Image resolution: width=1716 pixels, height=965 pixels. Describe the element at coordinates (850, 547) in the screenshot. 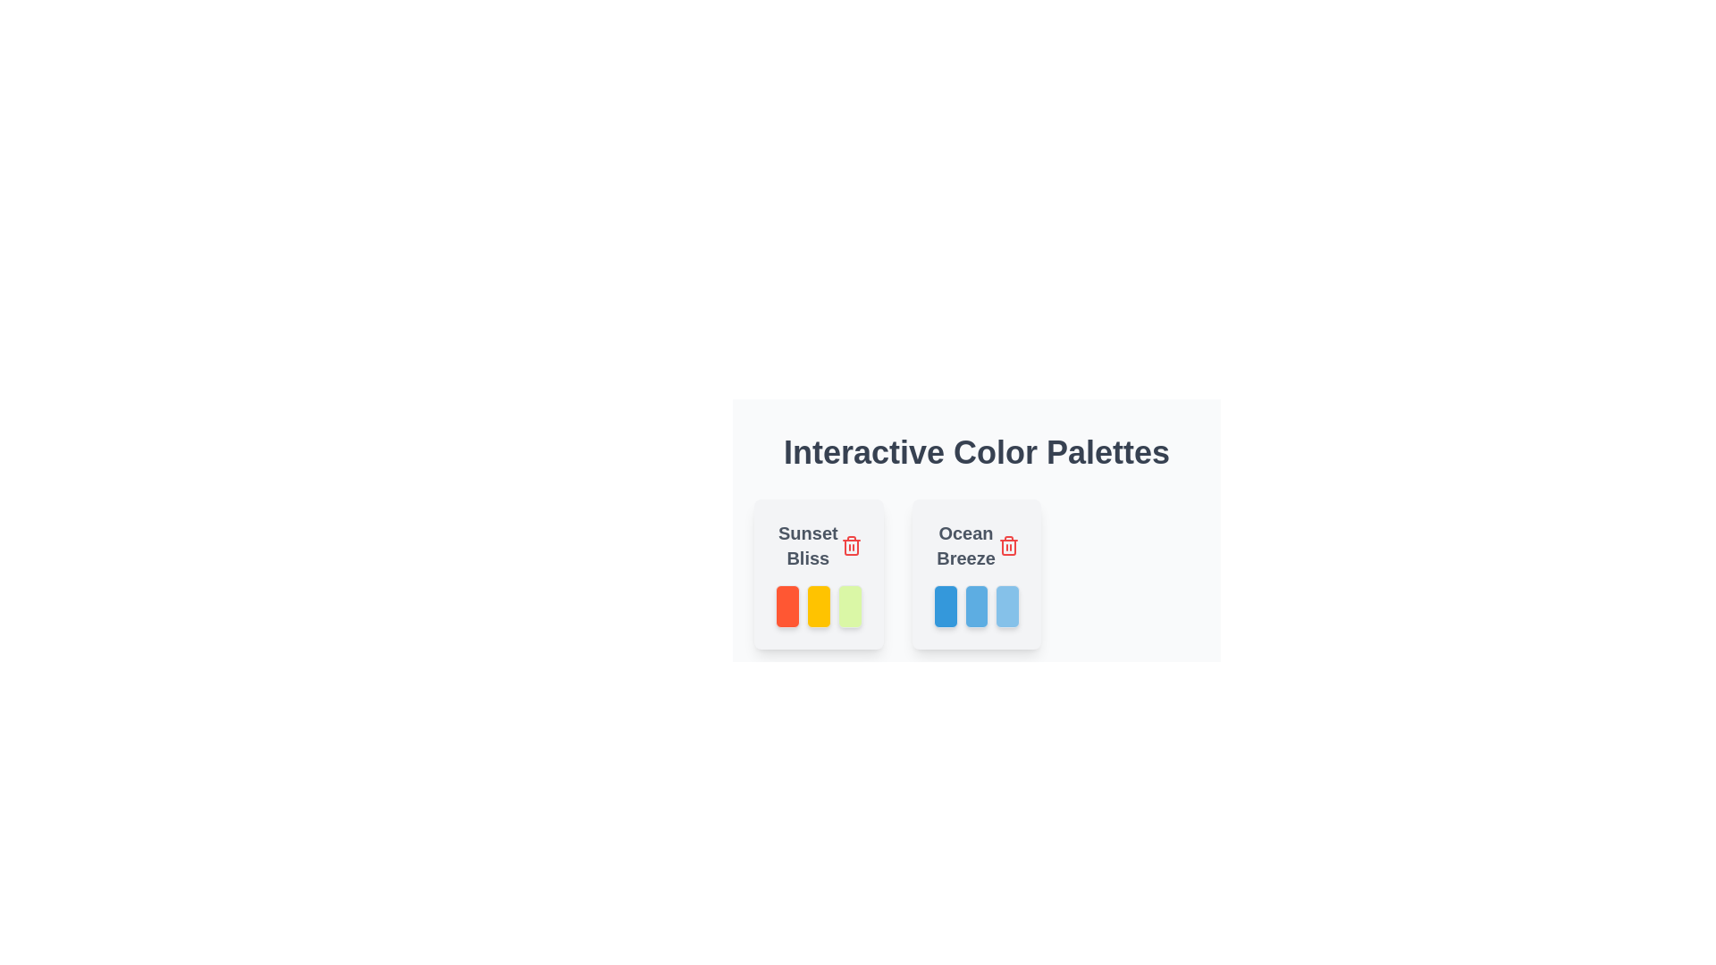

I see `the body of the trash bin icon in the 'Ocean Breeze' section, which is represented as part of an SVG icon located near the upper-right corner` at that location.